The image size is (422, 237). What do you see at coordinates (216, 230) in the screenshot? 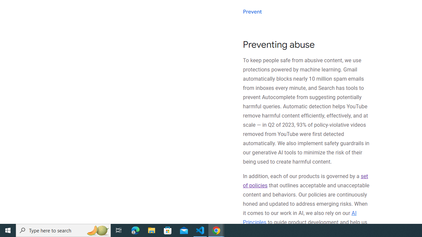
I see `'Google Chrome - 2 running windows'` at bounding box center [216, 230].